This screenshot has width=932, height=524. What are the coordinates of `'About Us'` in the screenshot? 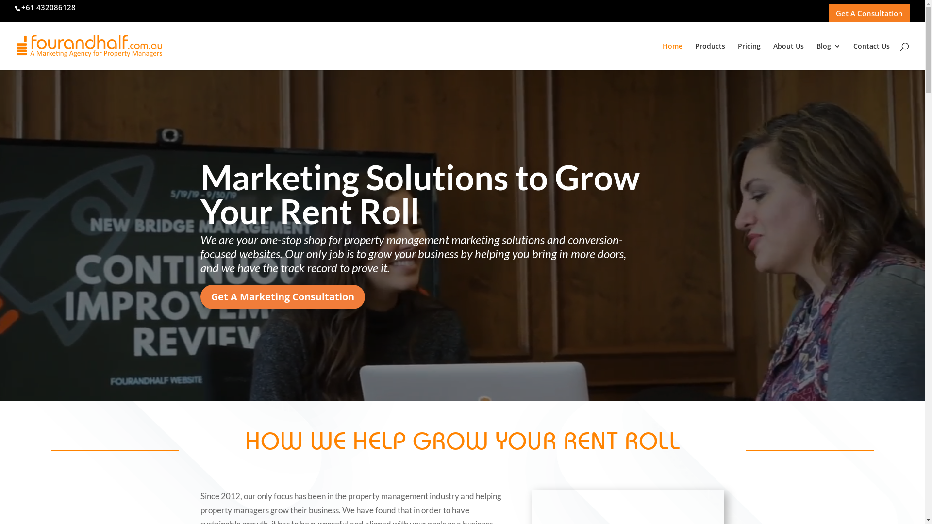 It's located at (788, 56).